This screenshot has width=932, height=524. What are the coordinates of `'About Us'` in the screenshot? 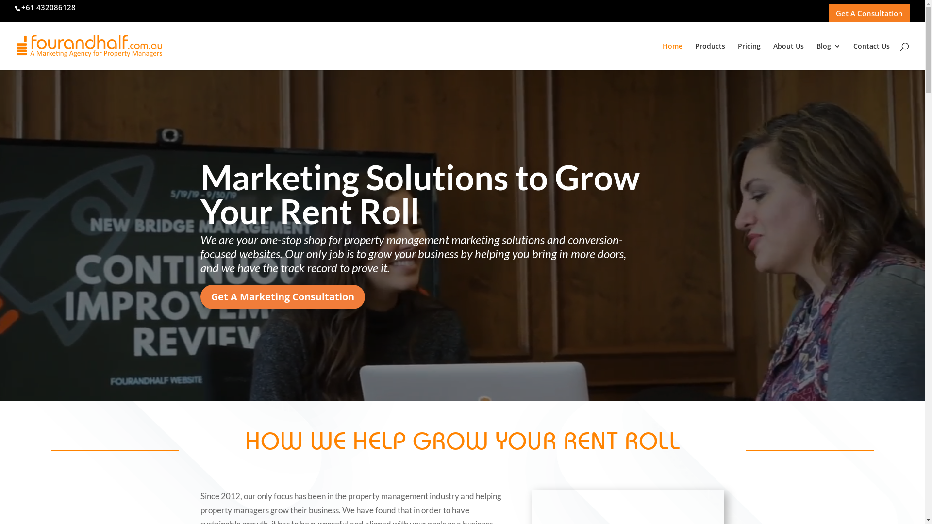 It's located at (788, 56).